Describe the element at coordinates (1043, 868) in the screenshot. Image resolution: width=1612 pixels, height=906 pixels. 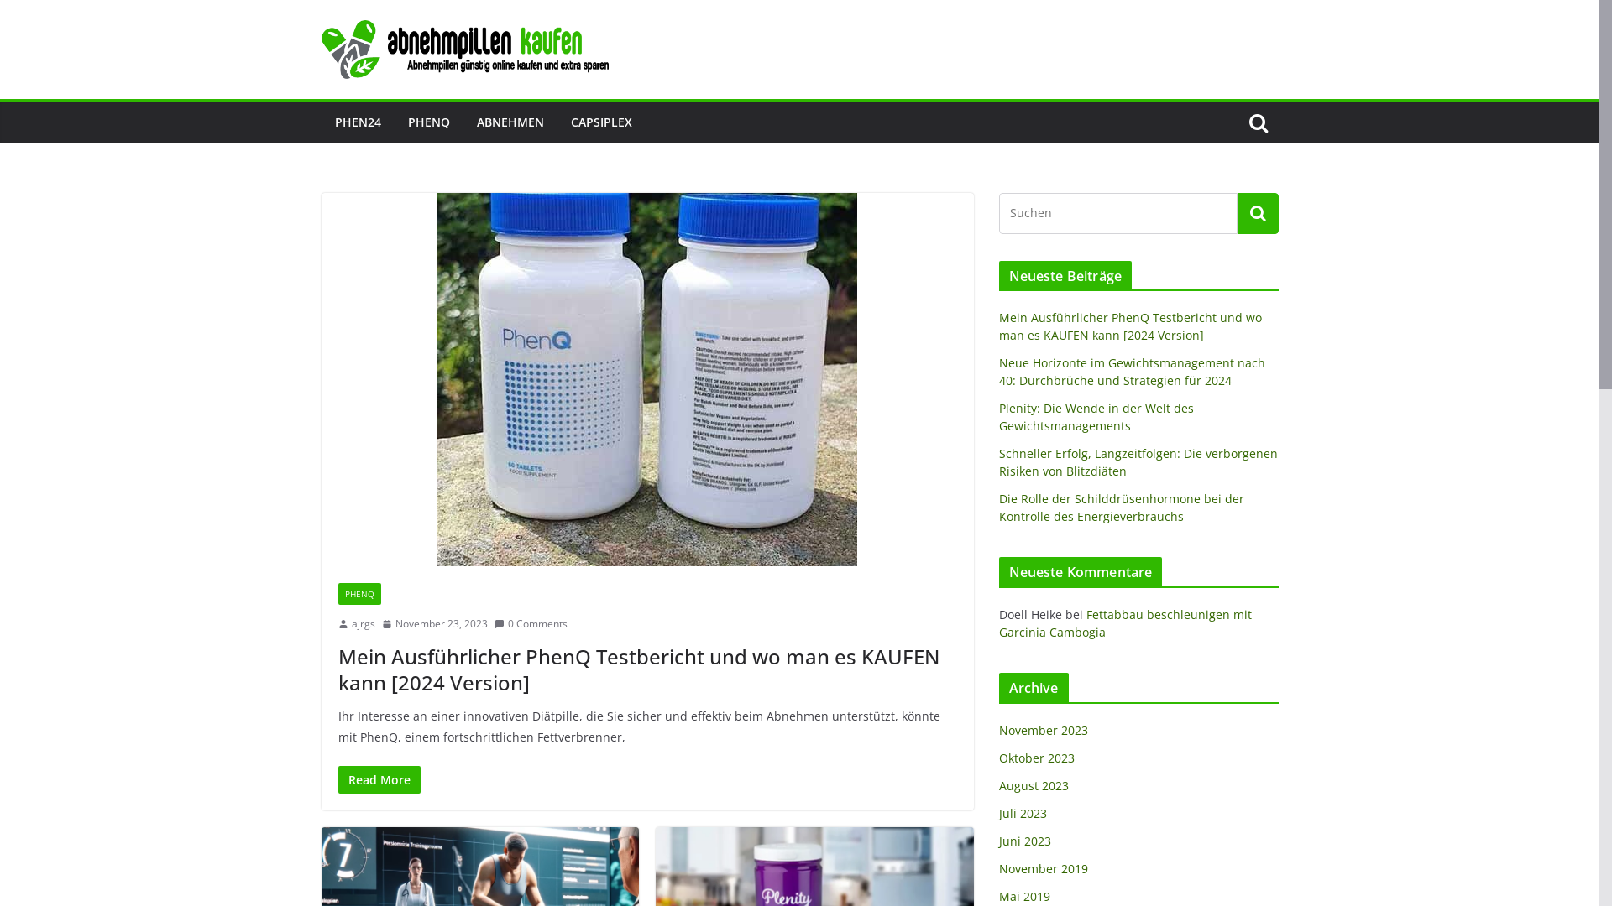
I see `'November 2019'` at that location.